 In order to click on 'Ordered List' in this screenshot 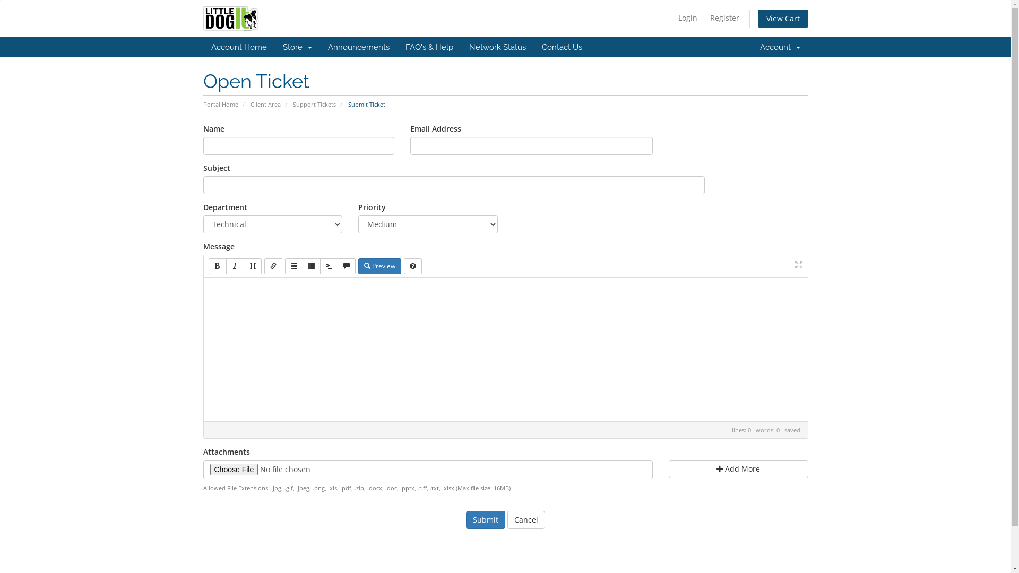, I will do `click(310, 265)`.